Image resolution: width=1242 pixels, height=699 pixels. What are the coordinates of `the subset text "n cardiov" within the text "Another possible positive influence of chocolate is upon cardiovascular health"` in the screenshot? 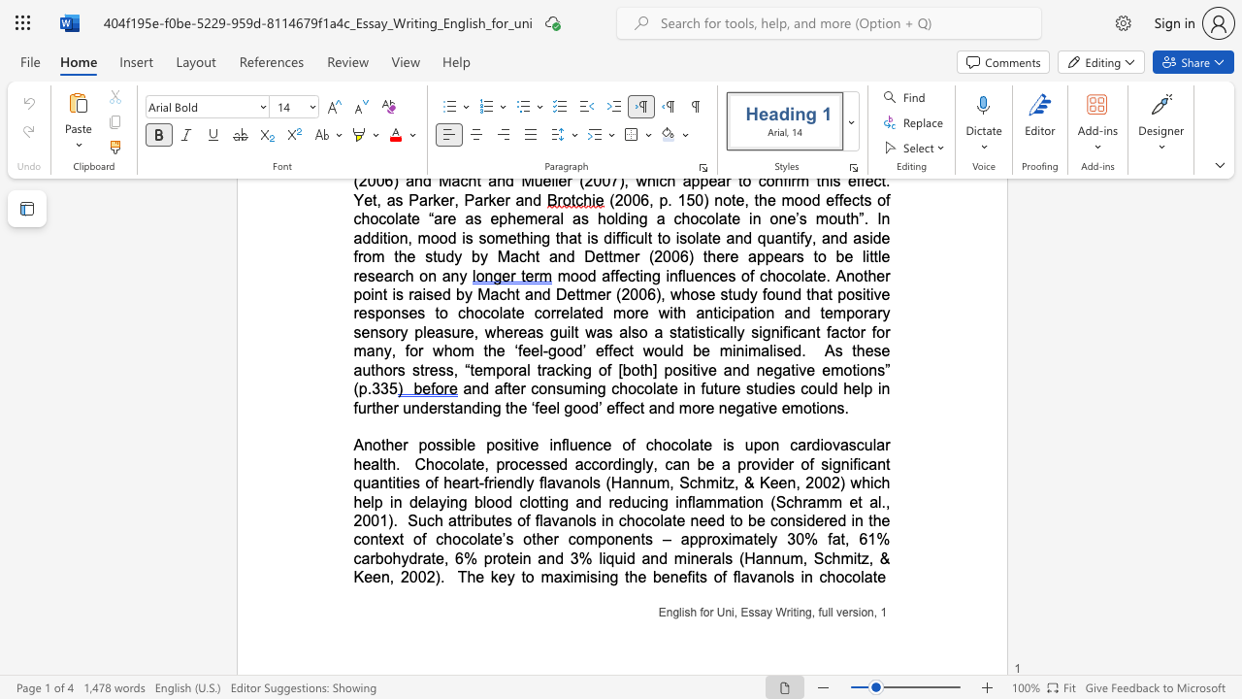 It's located at (769, 445).